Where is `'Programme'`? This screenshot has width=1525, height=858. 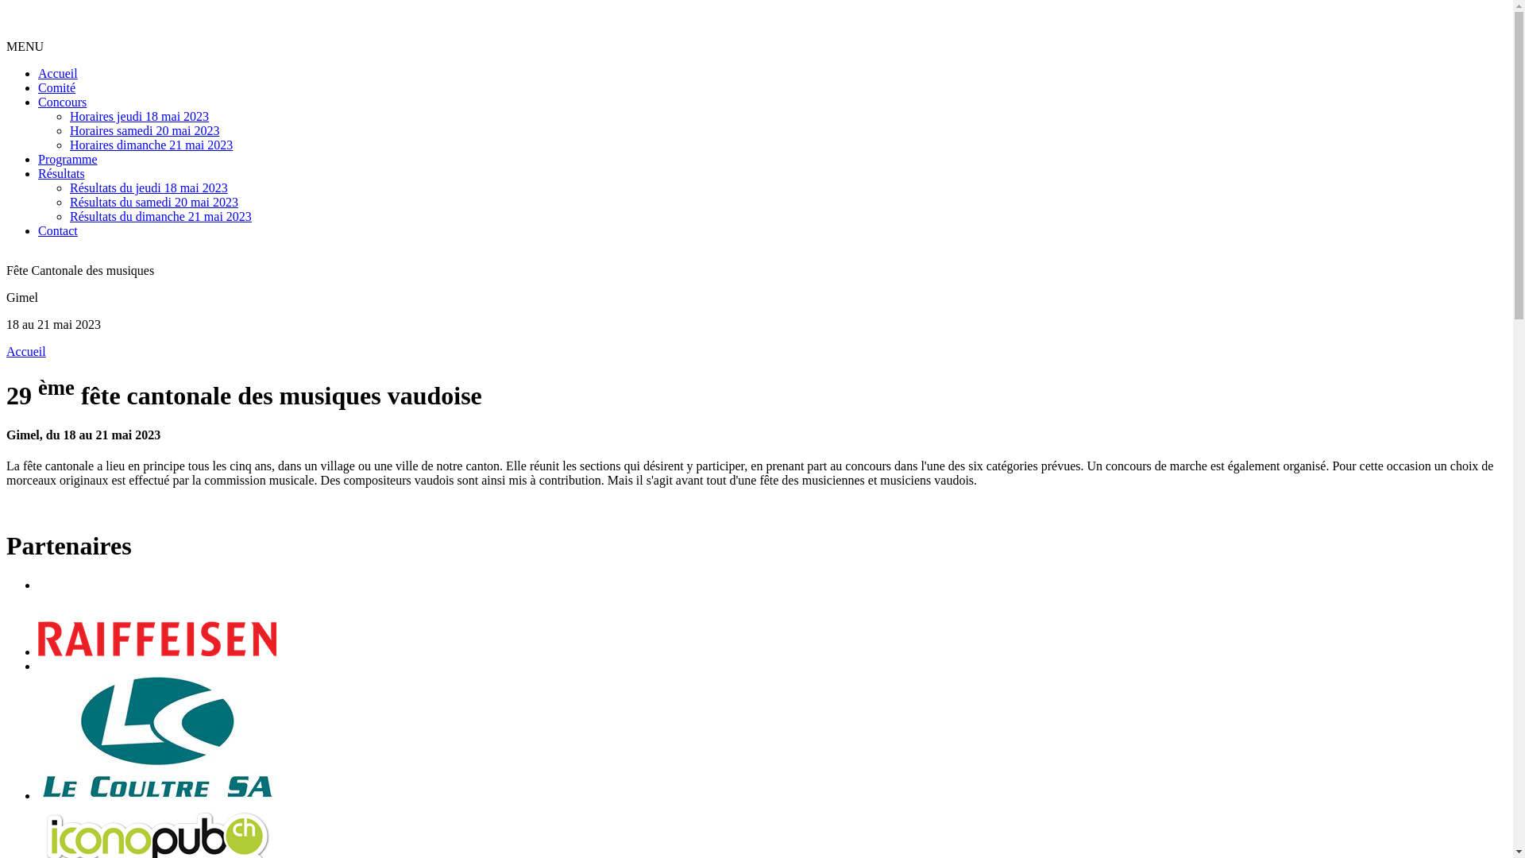 'Programme' is located at coordinates (67, 159).